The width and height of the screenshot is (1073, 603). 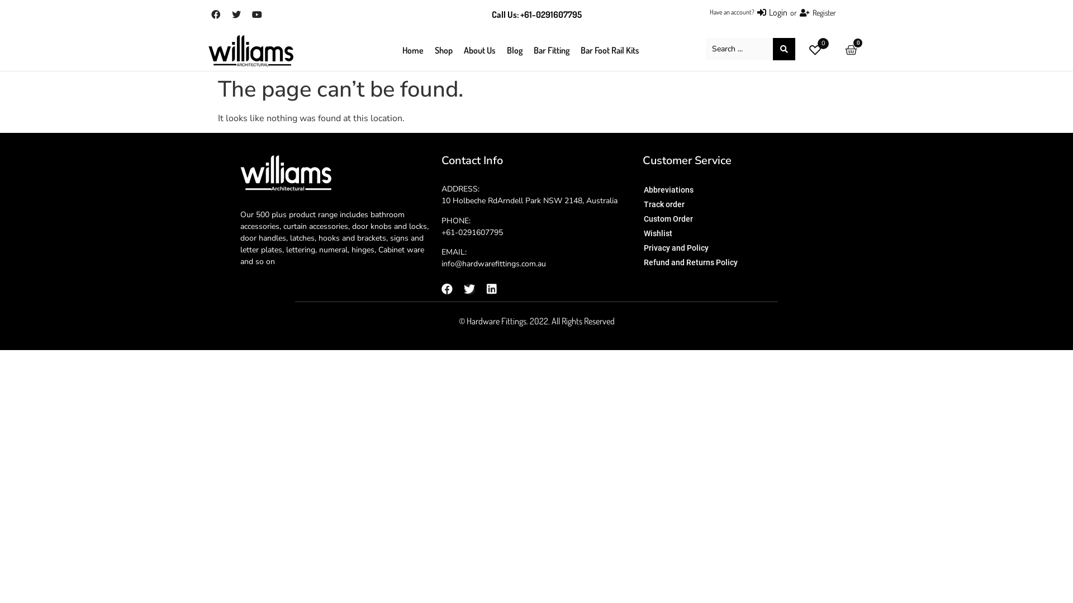 What do you see at coordinates (823, 42) in the screenshot?
I see `'0'` at bounding box center [823, 42].